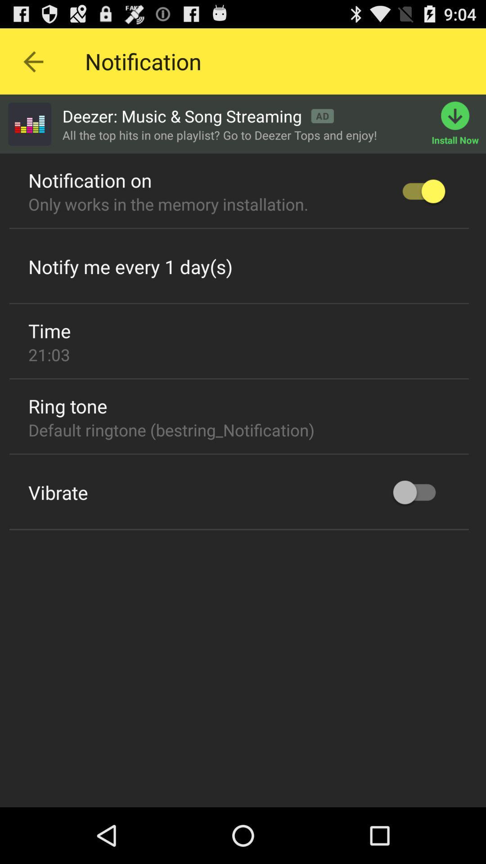 The width and height of the screenshot is (486, 864). What do you see at coordinates (67, 405) in the screenshot?
I see `the item above default ringtone (bestring_notification)` at bounding box center [67, 405].